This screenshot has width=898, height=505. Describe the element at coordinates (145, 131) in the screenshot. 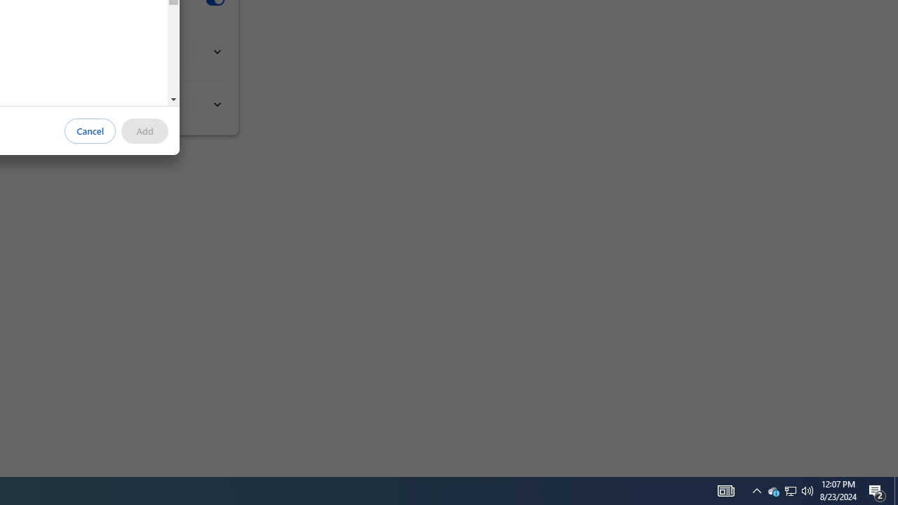

I see `'Add'` at that location.